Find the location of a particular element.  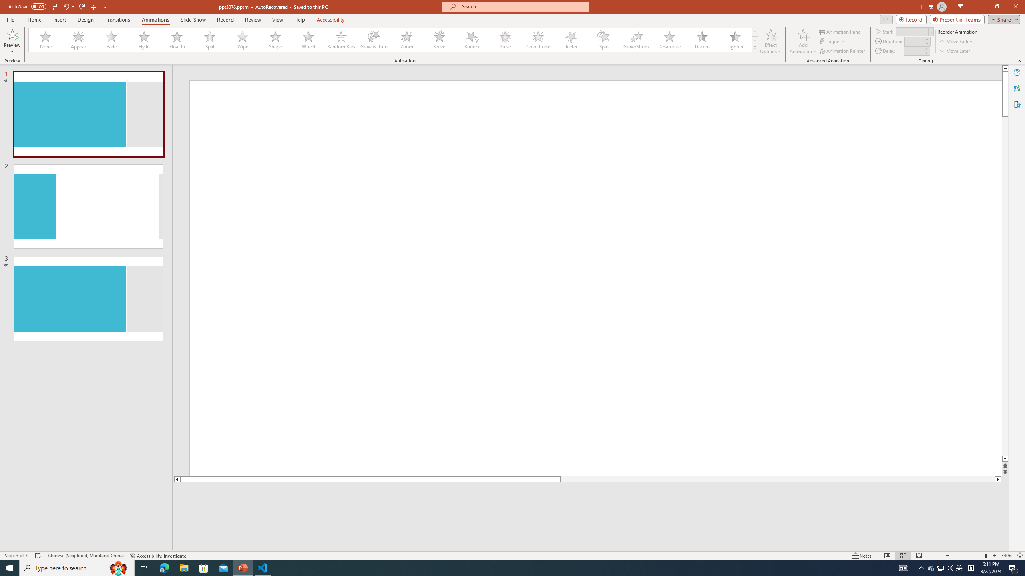

'Bounce' is located at coordinates (472, 40).